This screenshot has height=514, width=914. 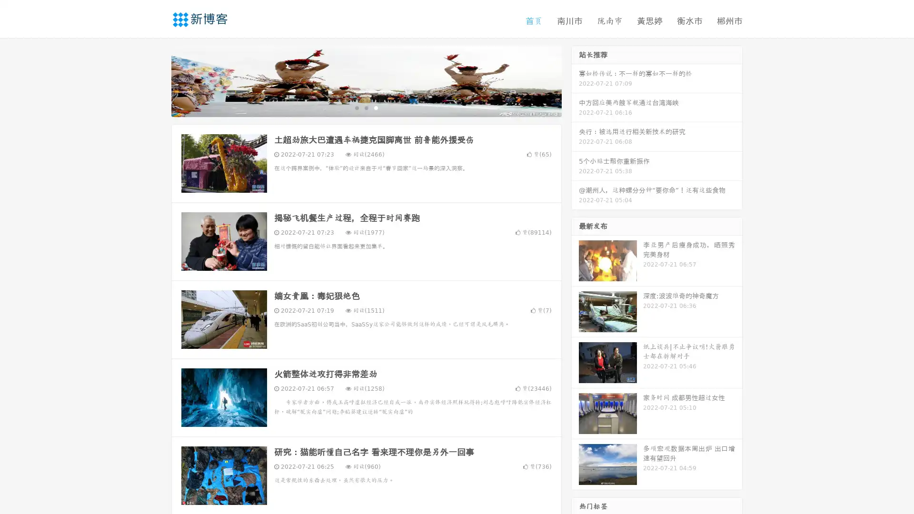 What do you see at coordinates (157, 80) in the screenshot?
I see `Previous slide` at bounding box center [157, 80].